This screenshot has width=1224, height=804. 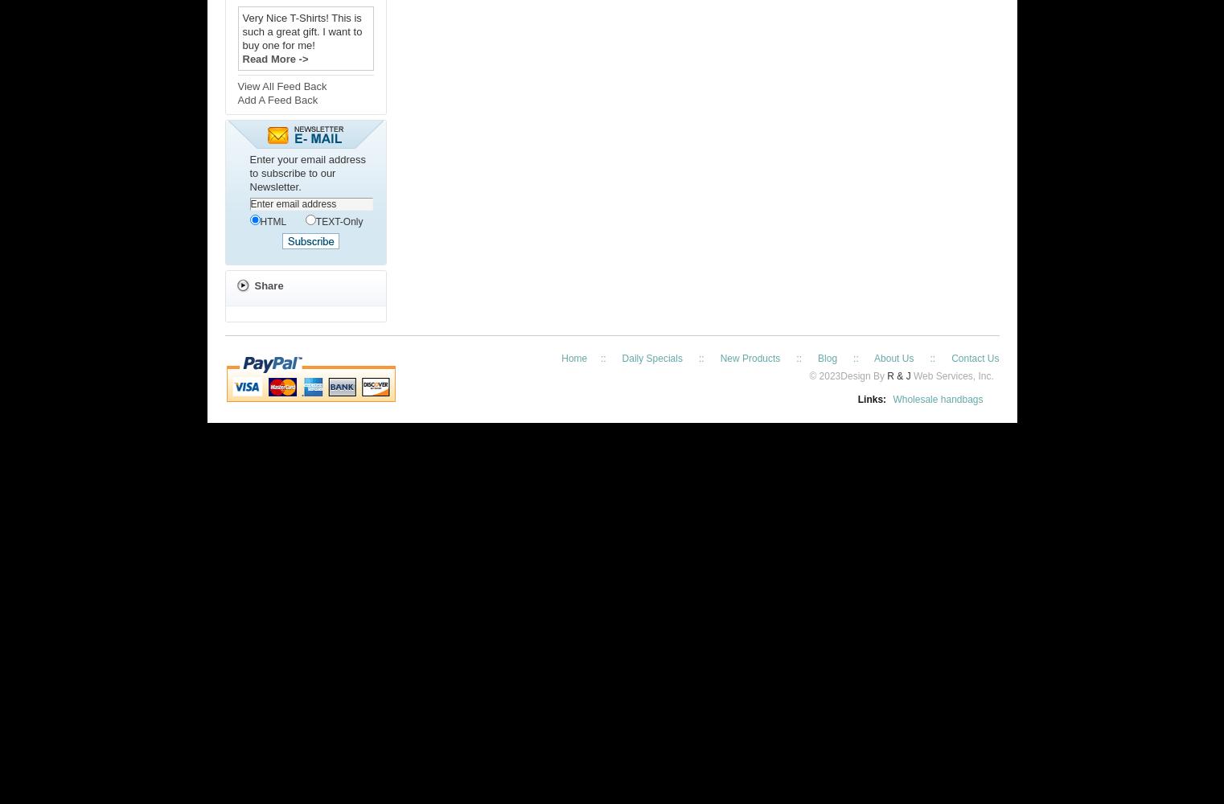 I want to click on 'Read More ->', so click(x=273, y=58).